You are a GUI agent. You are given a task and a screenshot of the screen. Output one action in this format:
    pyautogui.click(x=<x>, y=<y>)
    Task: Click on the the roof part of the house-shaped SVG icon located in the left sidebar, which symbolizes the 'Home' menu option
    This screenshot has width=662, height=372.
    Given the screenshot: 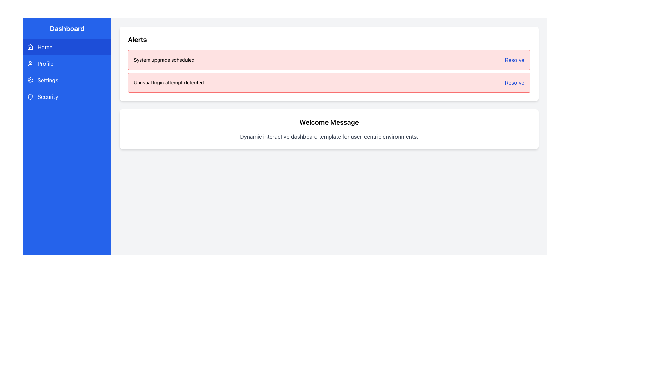 What is the action you would take?
    pyautogui.click(x=30, y=46)
    